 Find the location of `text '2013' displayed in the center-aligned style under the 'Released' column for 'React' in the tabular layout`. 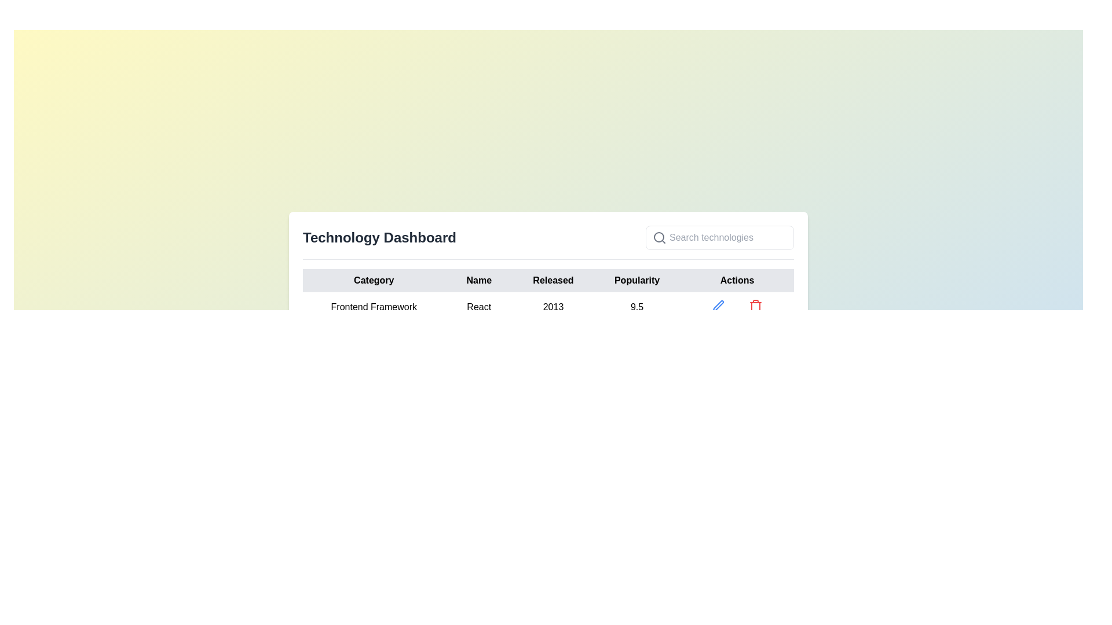

text '2013' displayed in the center-aligned style under the 'Released' column for 'React' in the tabular layout is located at coordinates (553, 306).